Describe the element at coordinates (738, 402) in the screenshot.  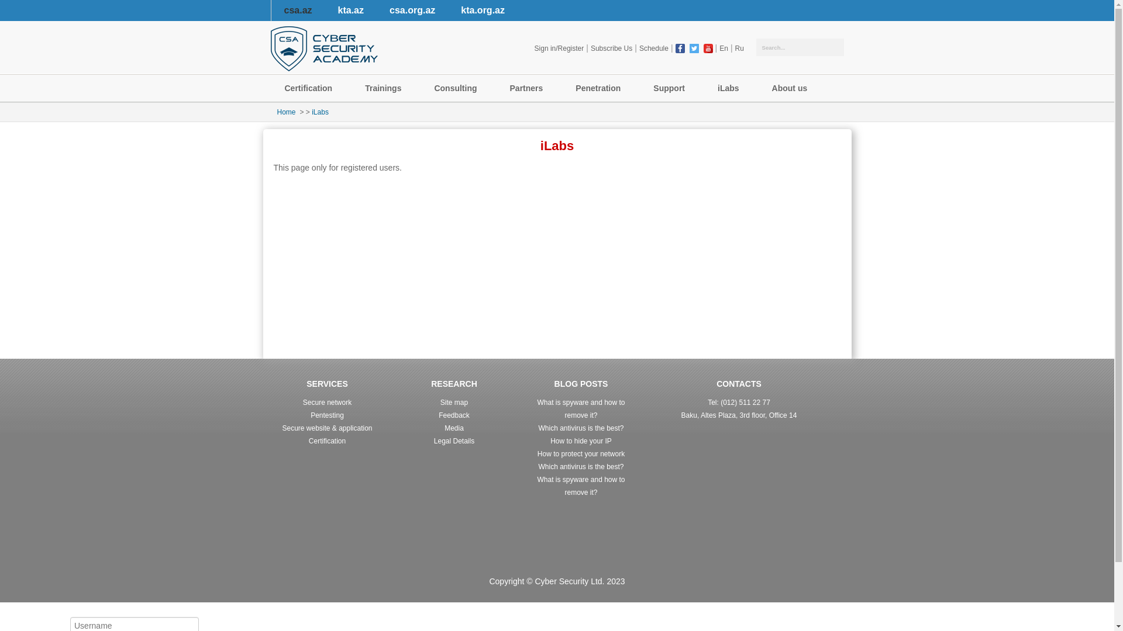
I see `'Tel: (012) 511 22 77'` at that location.